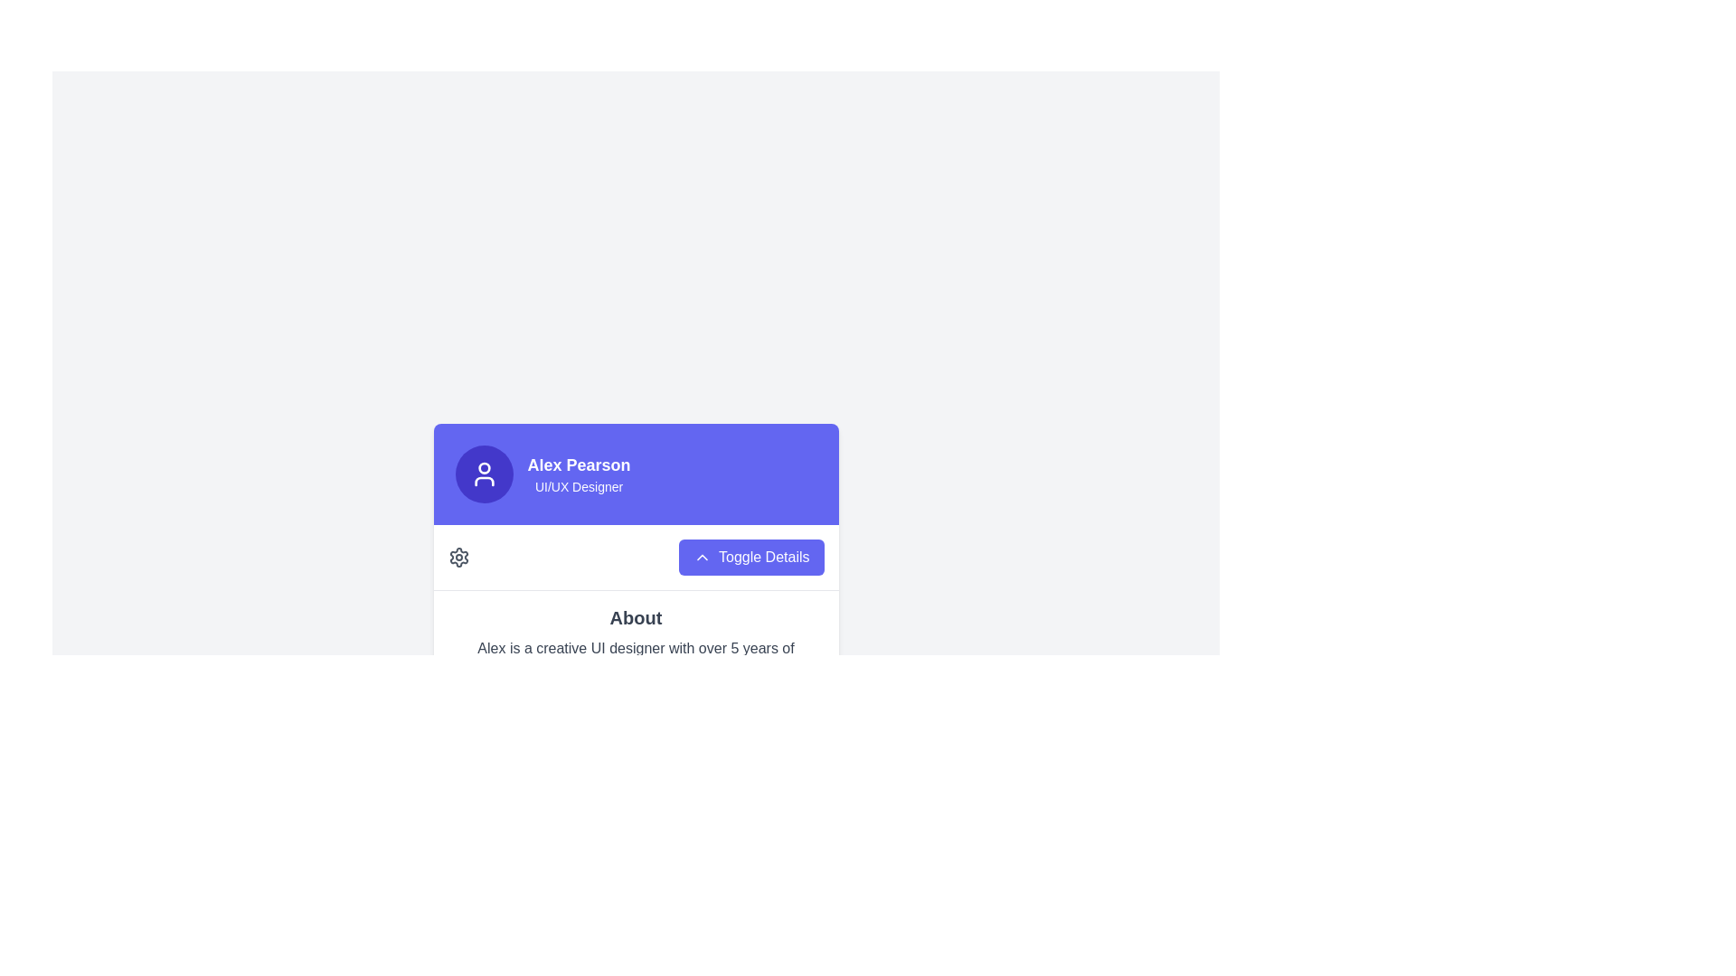  What do you see at coordinates (636, 616) in the screenshot?
I see `the 'About' header label, which is a bold text label positioned above a descriptive paragraph about UI designer Alex` at bounding box center [636, 616].